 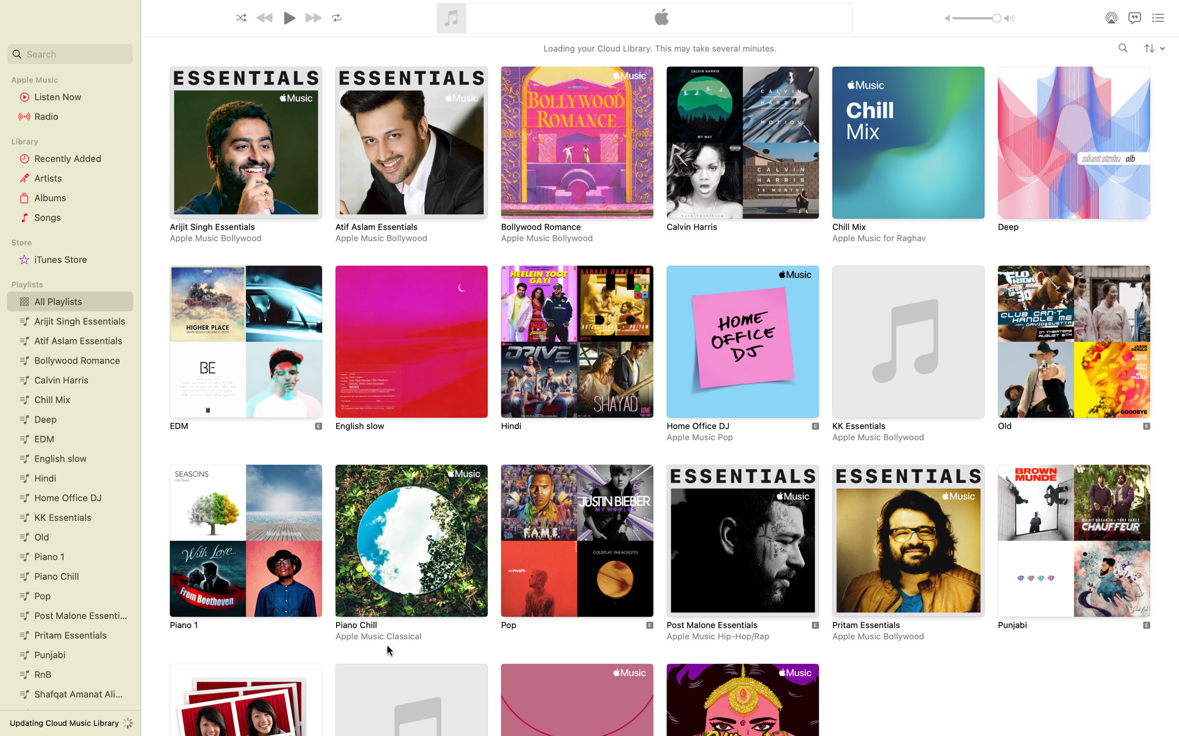 I want to click on Review the songs played recently, so click(x=68, y=158).